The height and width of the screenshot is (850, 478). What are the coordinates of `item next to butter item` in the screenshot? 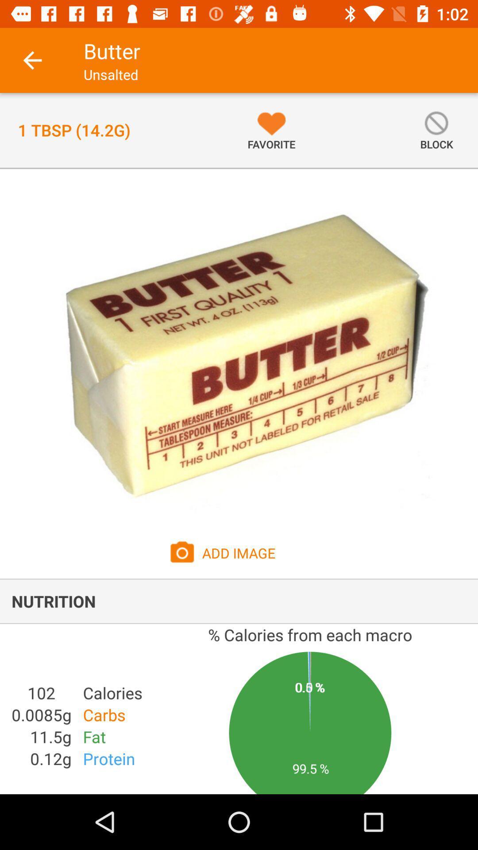 It's located at (32, 60).